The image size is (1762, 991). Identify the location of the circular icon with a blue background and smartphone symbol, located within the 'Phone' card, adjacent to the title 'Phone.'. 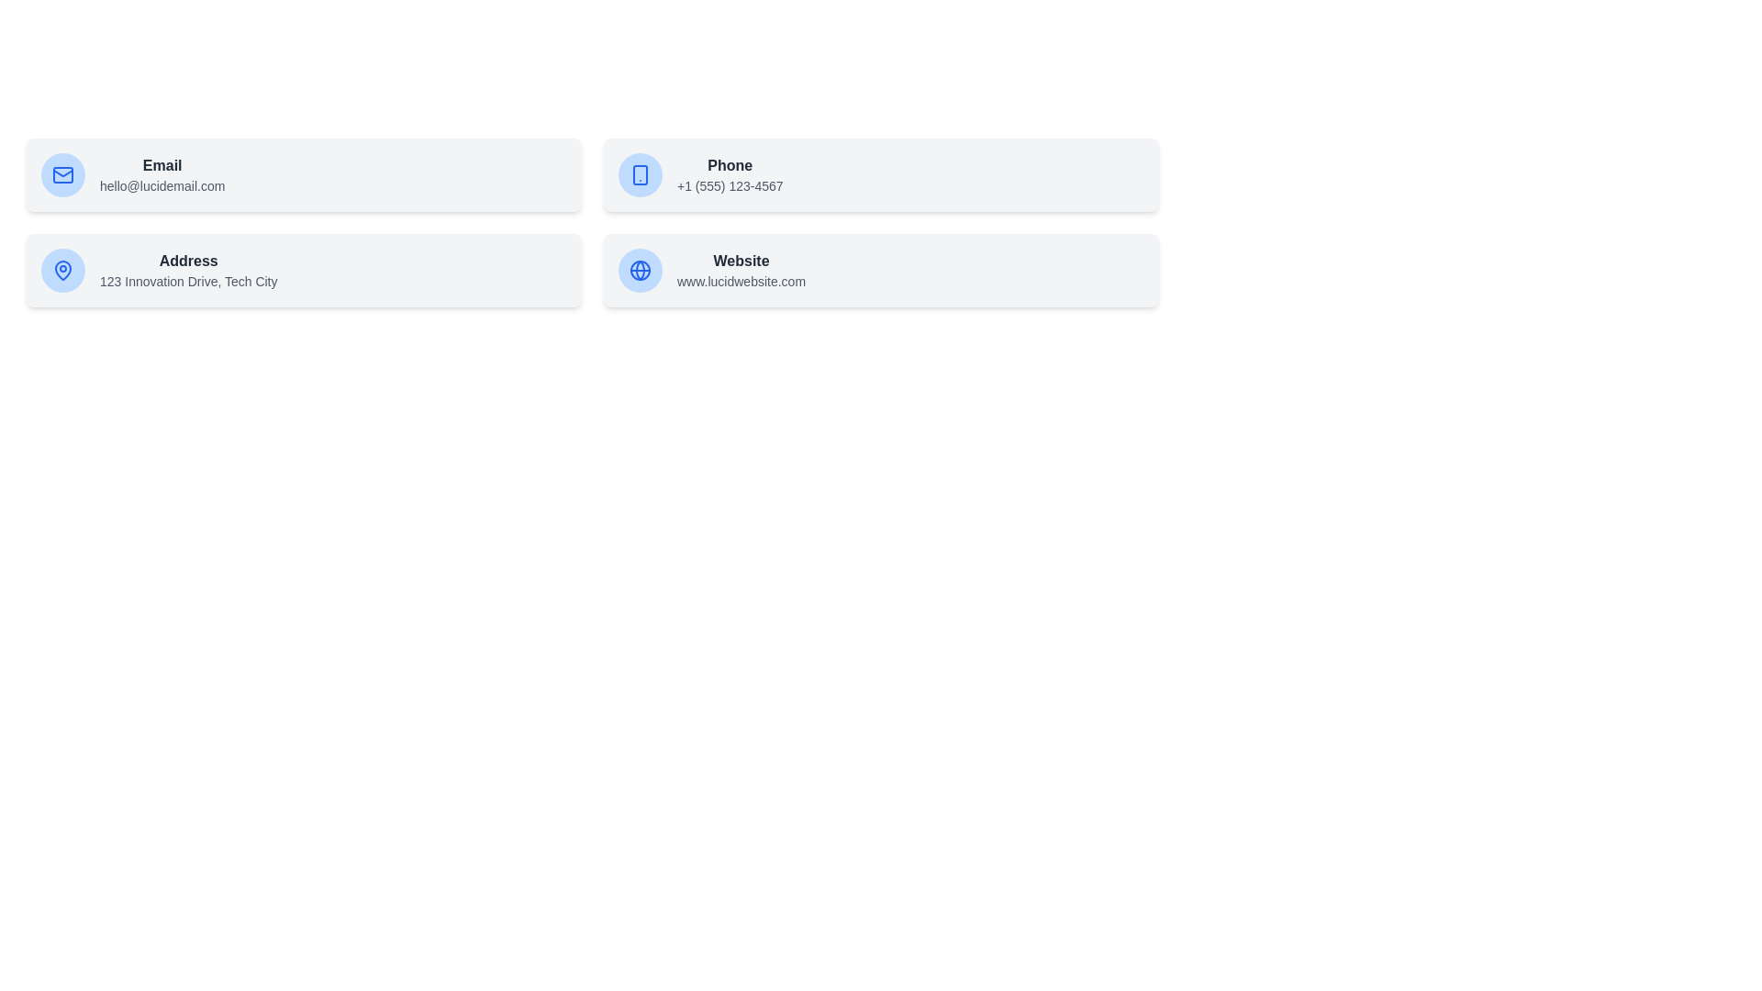
(640, 175).